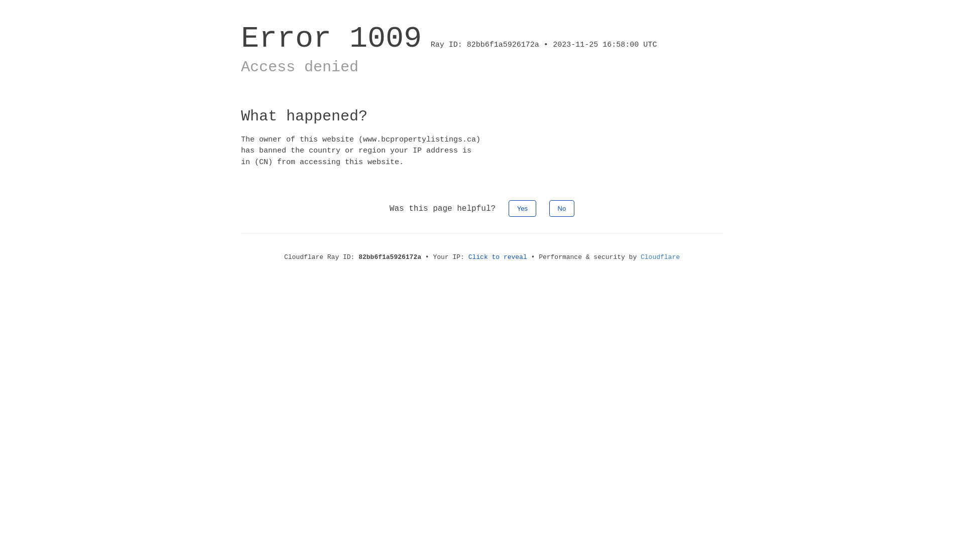  What do you see at coordinates (498, 256) in the screenshot?
I see `'Click to reveal'` at bounding box center [498, 256].